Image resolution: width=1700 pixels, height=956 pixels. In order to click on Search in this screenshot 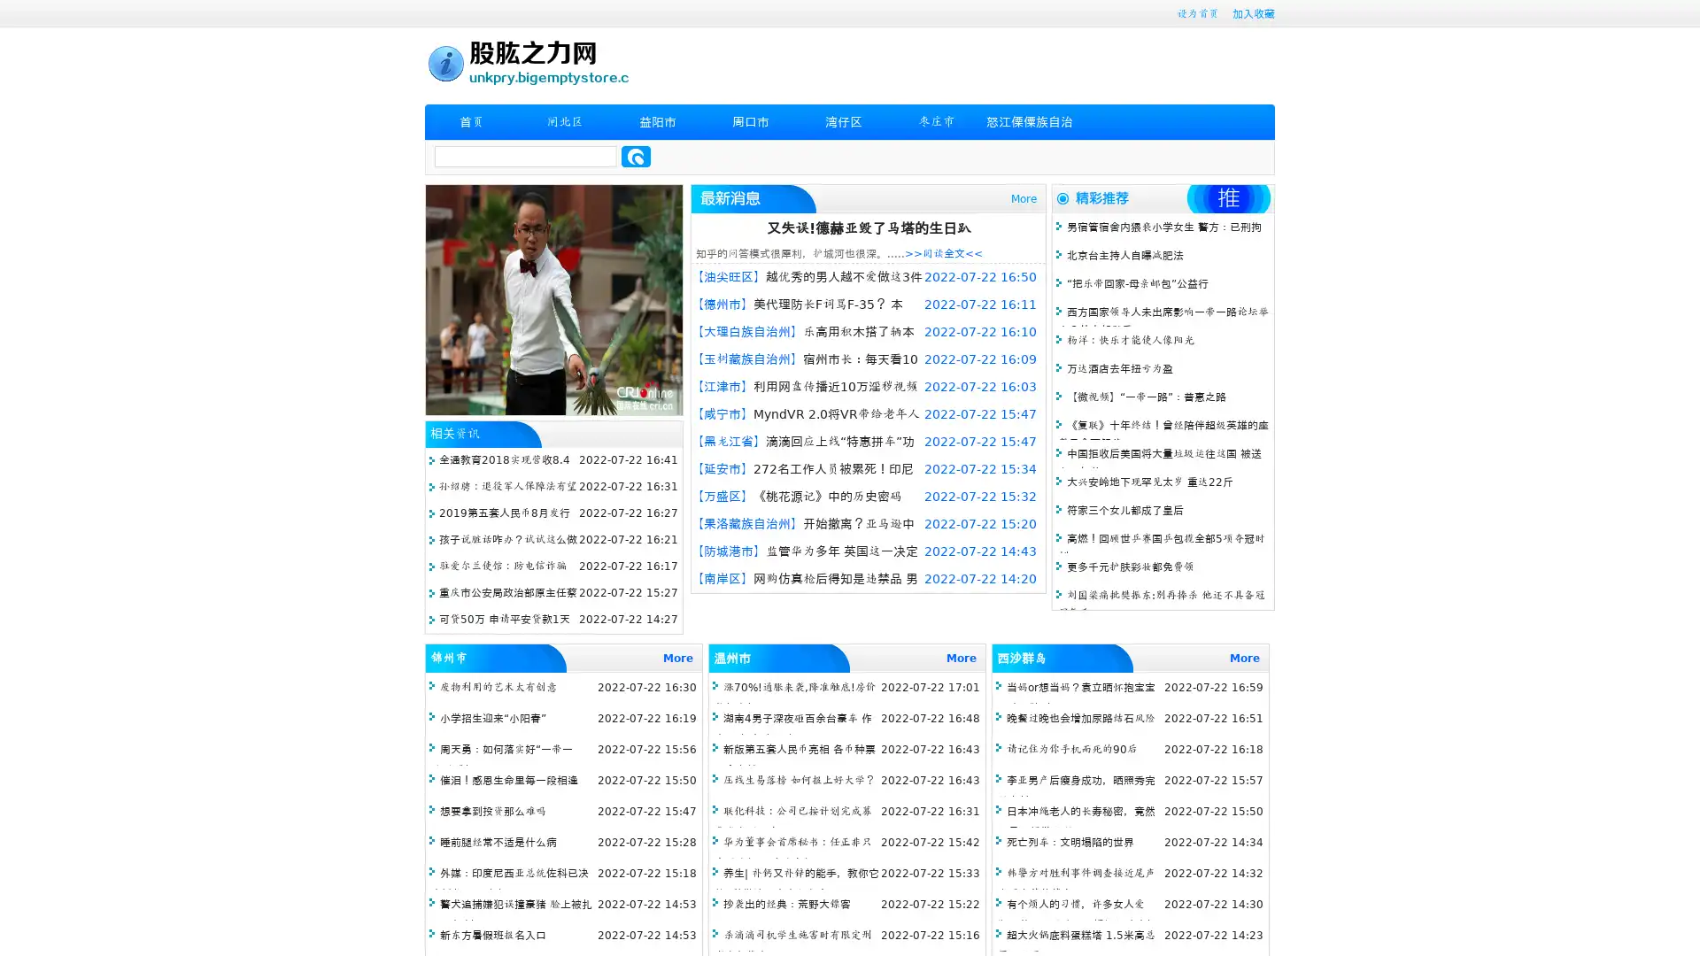, I will do `click(636, 156)`.